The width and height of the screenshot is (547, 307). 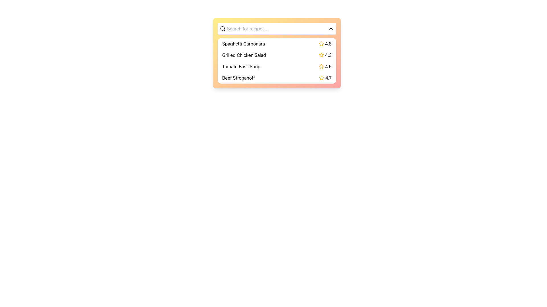 I want to click on the upward triangular arrow button located on the right side of the input field within the search bar, so click(x=331, y=28).